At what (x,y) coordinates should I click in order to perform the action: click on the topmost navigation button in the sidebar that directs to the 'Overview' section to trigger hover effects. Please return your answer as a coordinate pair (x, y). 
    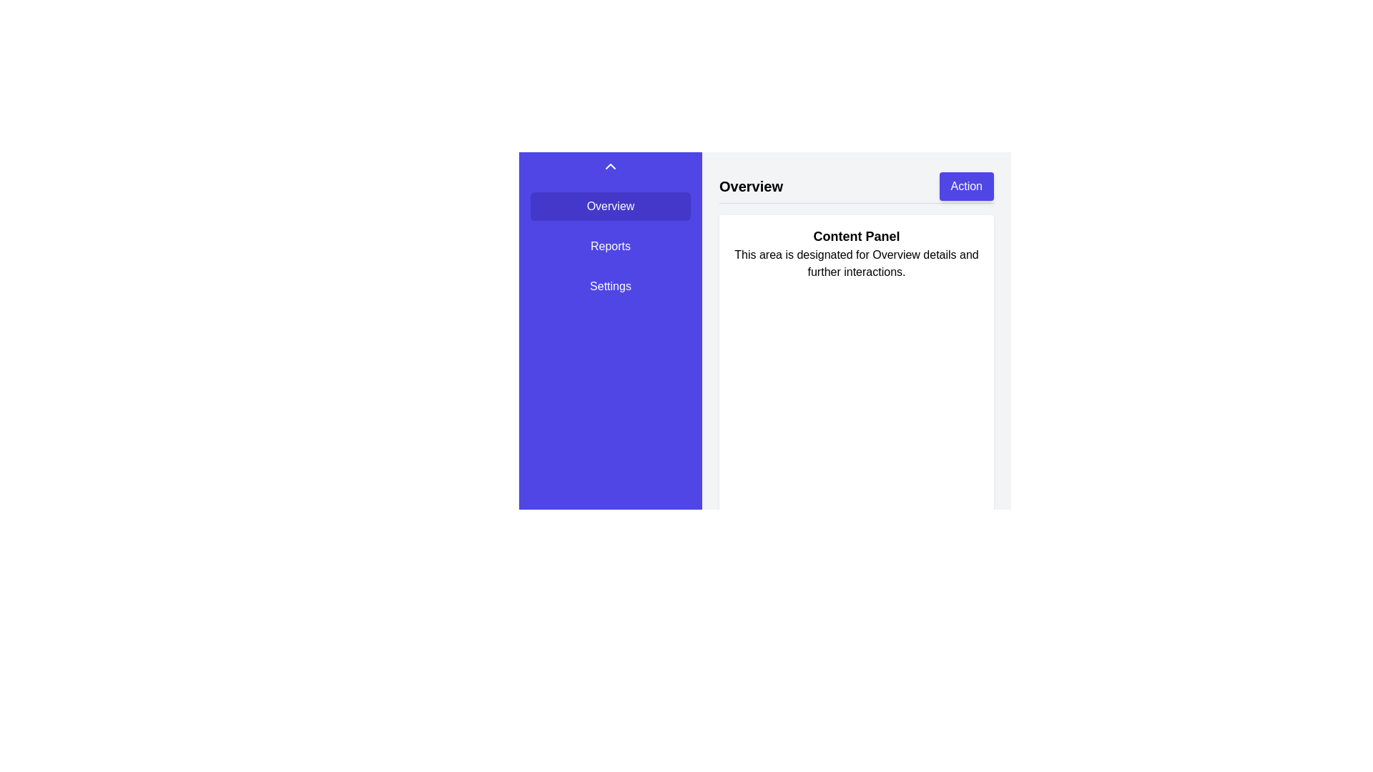
    Looking at the image, I should click on (611, 207).